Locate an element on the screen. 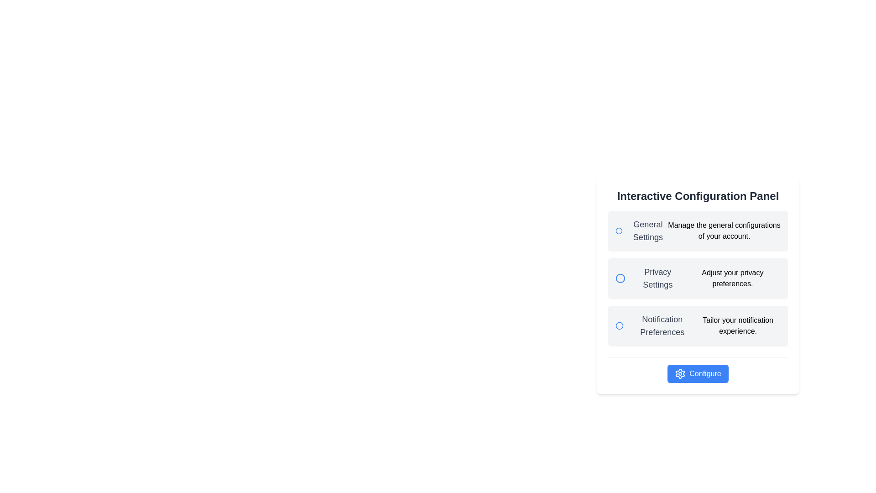  the icon next to the 'Privacy Settings' row in the interactive panel to emphasize this specific option is located at coordinates (620, 278).